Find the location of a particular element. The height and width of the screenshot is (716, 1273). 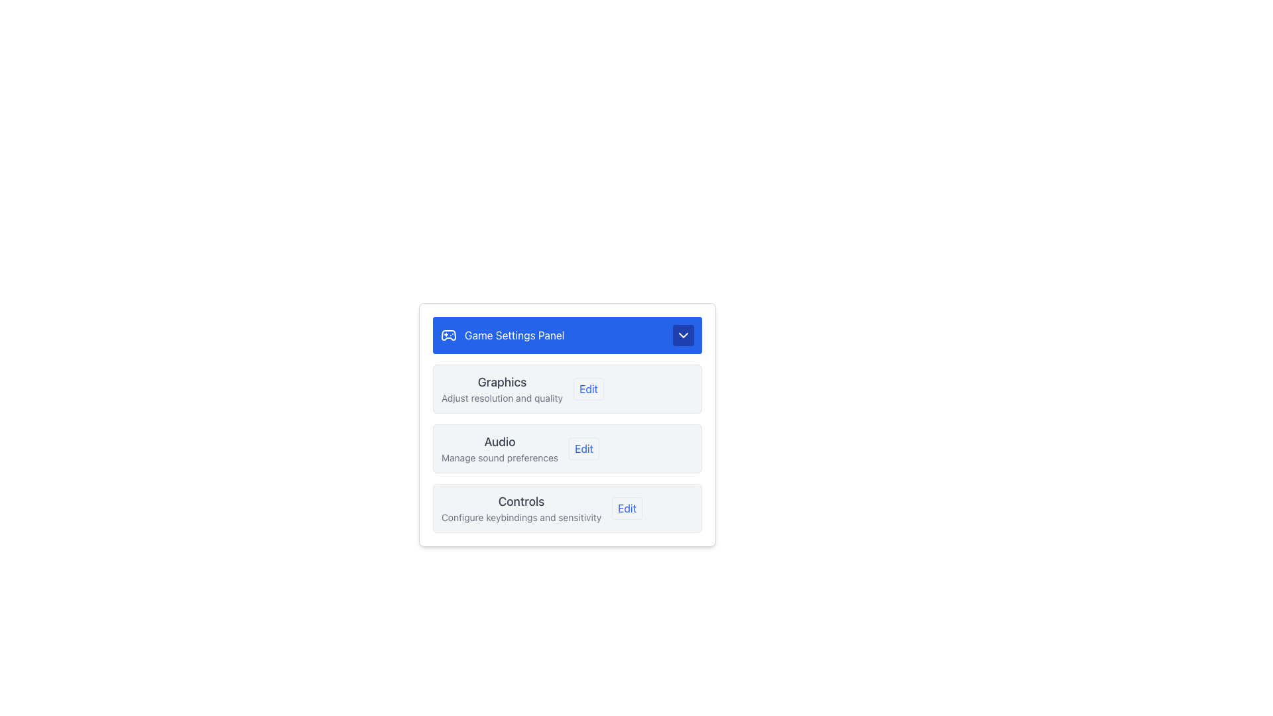

the Game Settings Panel icon located on the left side of the header, which is the first element in the horizontal layout is located at coordinates (448, 334).